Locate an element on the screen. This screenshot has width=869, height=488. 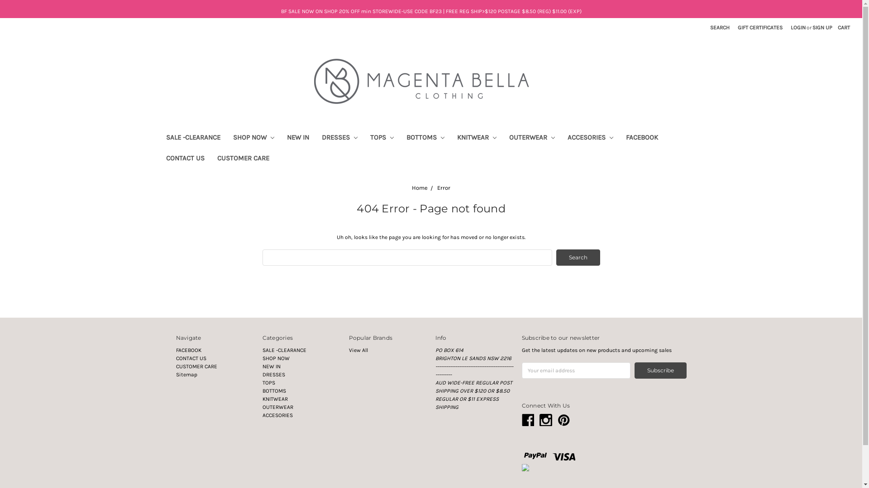
'SHOP NOW' is located at coordinates (275, 358).